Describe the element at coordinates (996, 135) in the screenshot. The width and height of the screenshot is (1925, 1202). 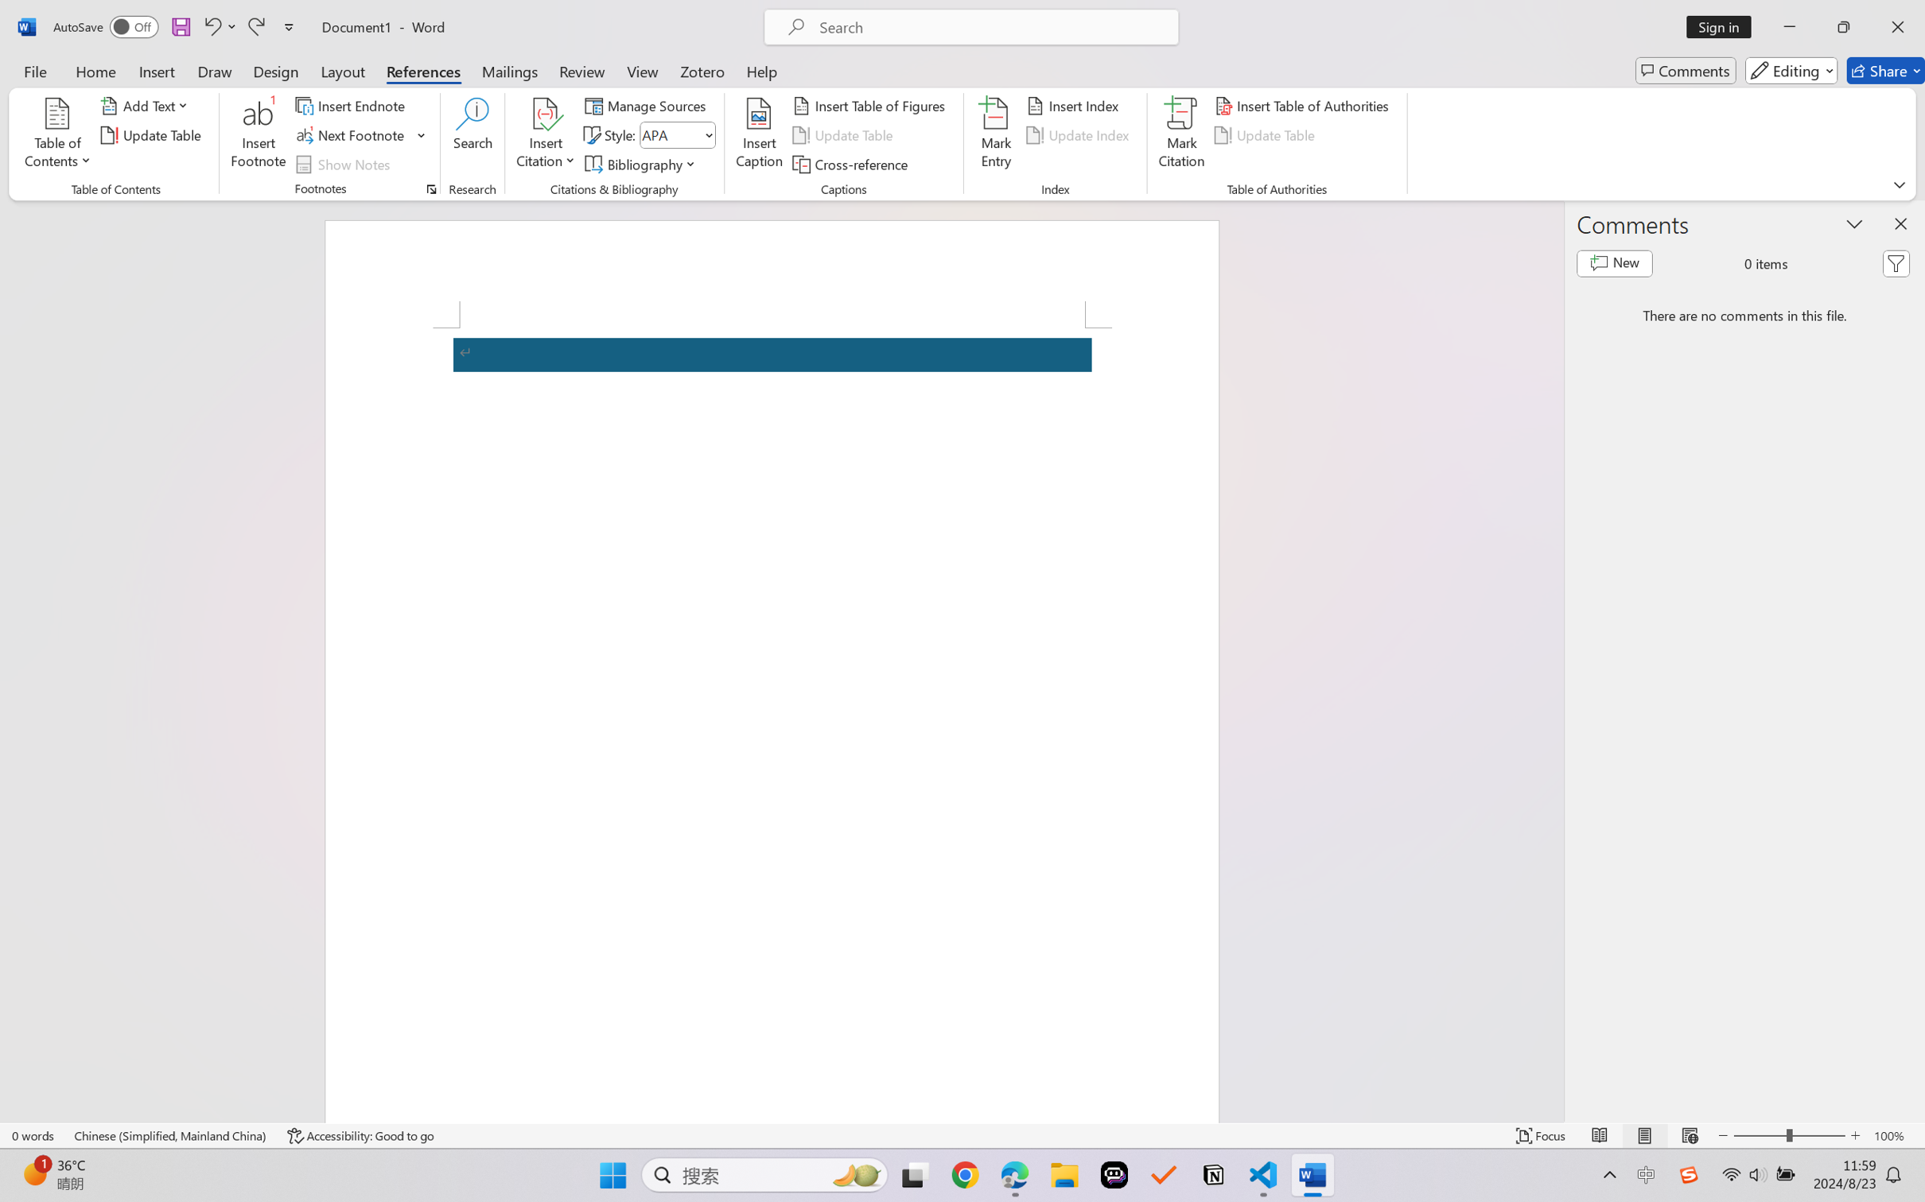
I see `'Mark Entry...'` at that location.